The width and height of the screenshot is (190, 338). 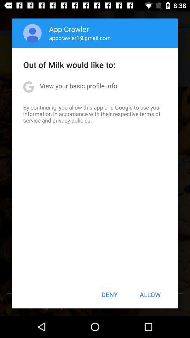 What do you see at coordinates (80, 38) in the screenshot?
I see `app below app crawler item` at bounding box center [80, 38].